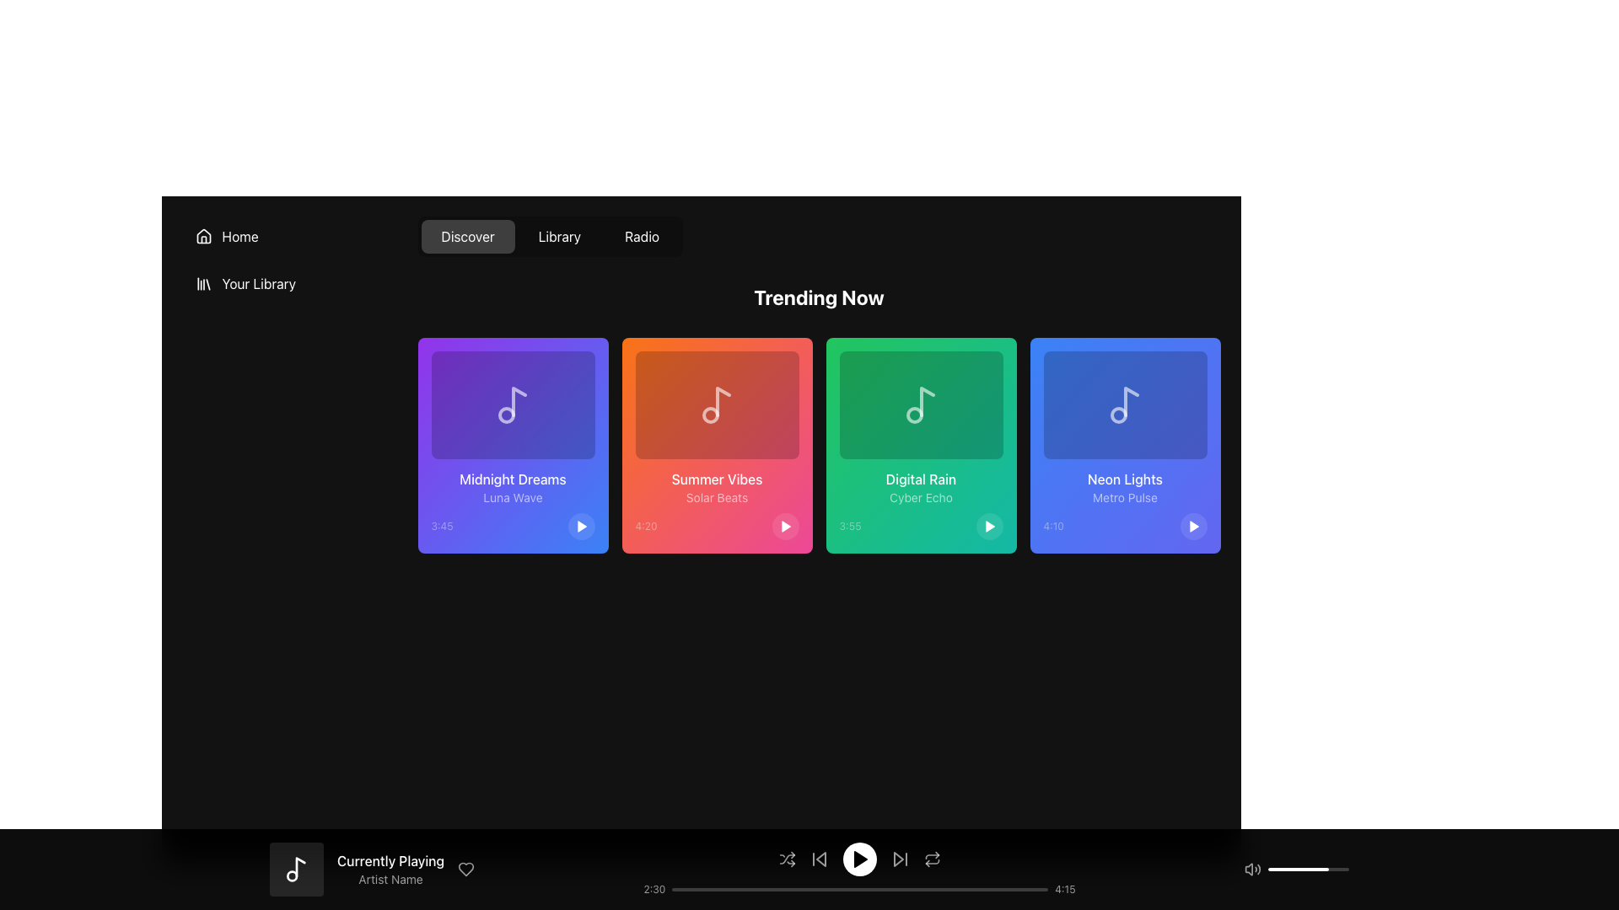  What do you see at coordinates (819, 859) in the screenshot?
I see `the left-pointing triangular arrow button located in the bottom media control area` at bounding box center [819, 859].